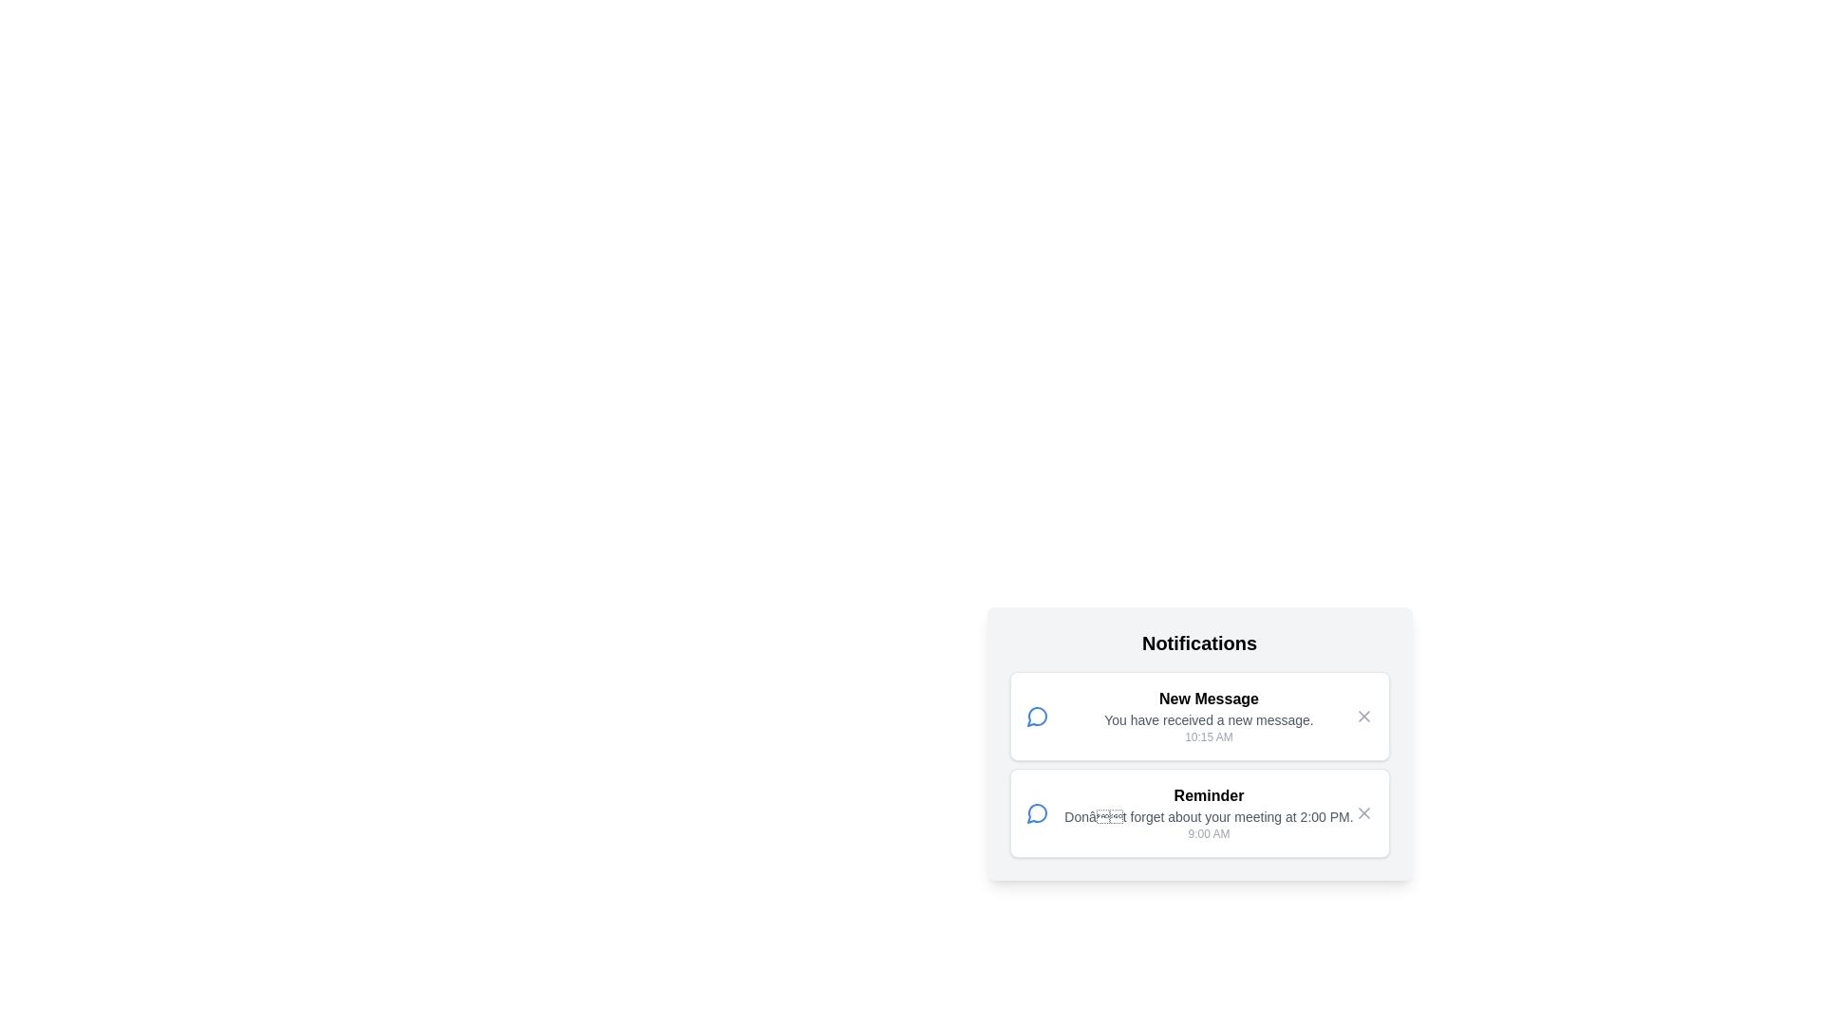 The height and width of the screenshot is (1025, 1823). Describe the element at coordinates (1198, 717) in the screenshot. I see `the content of a notification by selecting the notification with title New Message` at that location.